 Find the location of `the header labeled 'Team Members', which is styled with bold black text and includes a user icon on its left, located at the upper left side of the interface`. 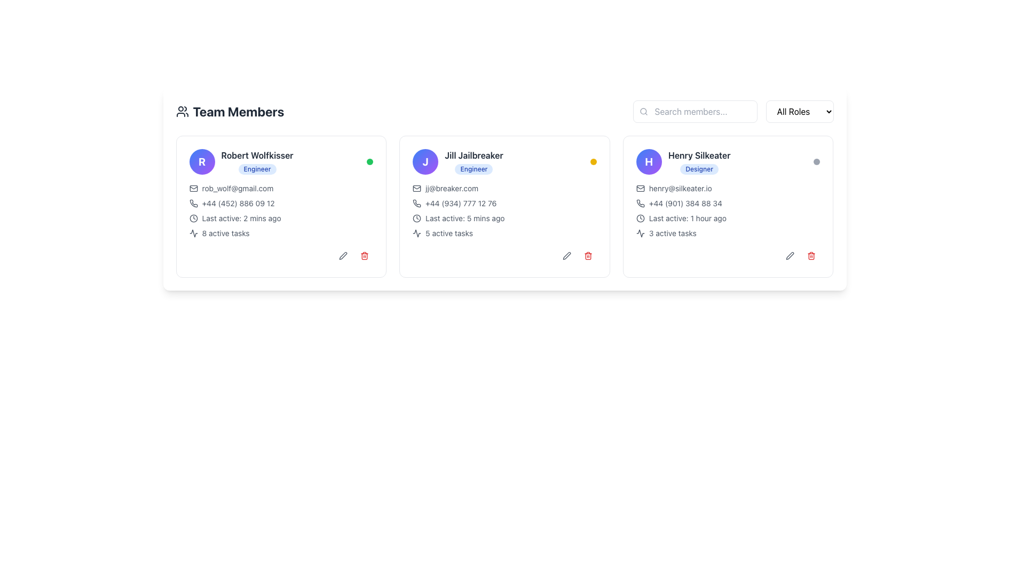

the header labeled 'Team Members', which is styled with bold black text and includes a user icon on its left, located at the upper left side of the interface is located at coordinates (229, 111).